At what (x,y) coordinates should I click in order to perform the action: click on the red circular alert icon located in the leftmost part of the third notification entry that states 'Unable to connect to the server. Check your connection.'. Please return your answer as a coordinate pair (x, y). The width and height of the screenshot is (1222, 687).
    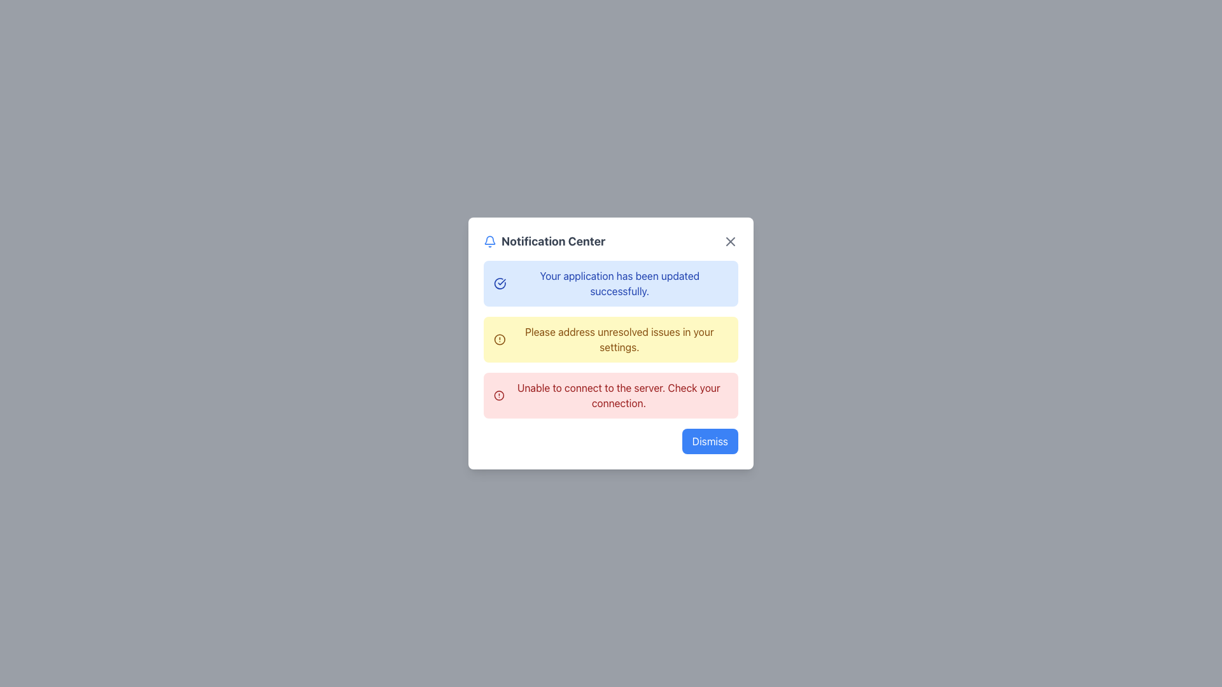
    Looking at the image, I should click on (498, 394).